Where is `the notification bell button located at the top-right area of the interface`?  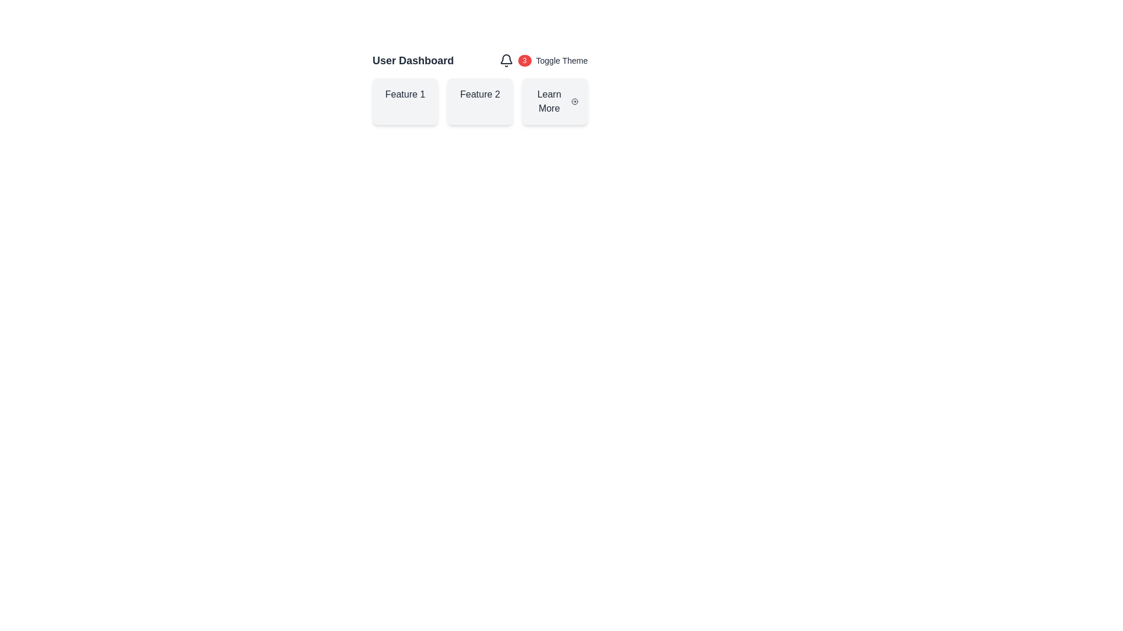 the notification bell button located at the top-right area of the interface is located at coordinates (506, 61).